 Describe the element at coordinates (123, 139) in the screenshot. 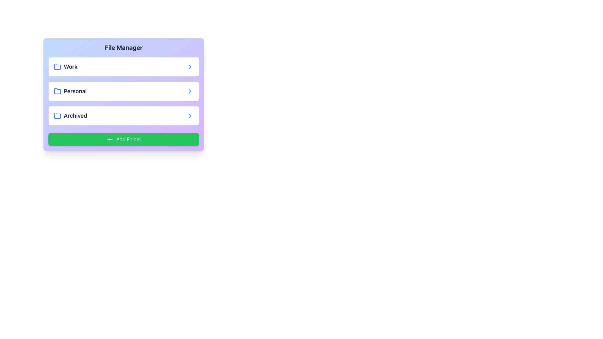

I see `the button that adds a new folder, located at the bottom of a card containing folder items labeled 'Work', 'Personal', and 'Archived'` at that location.